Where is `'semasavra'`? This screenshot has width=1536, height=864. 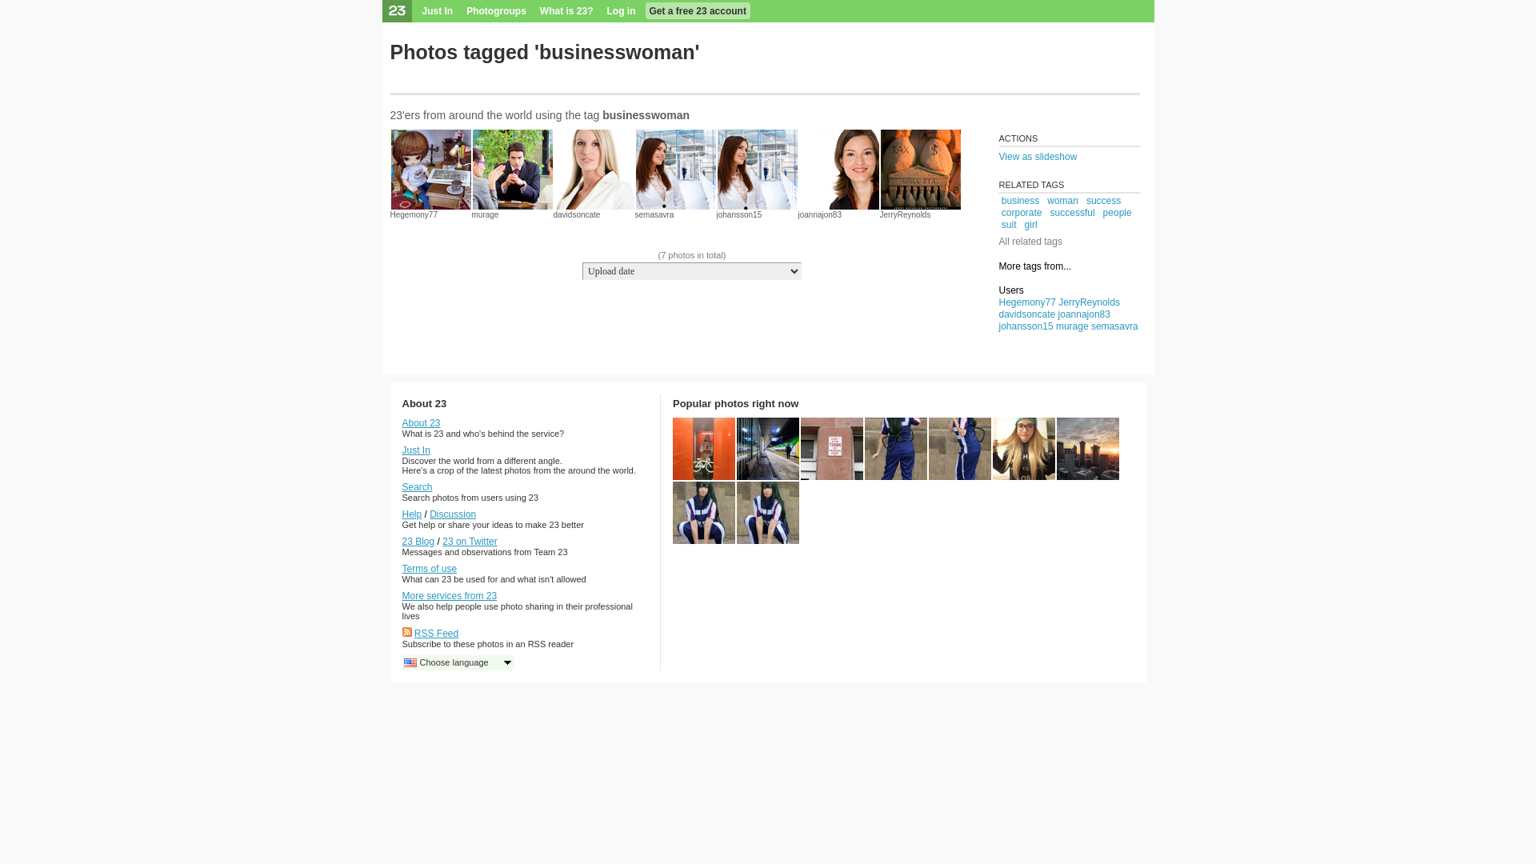
'semasavra' is located at coordinates (654, 214).